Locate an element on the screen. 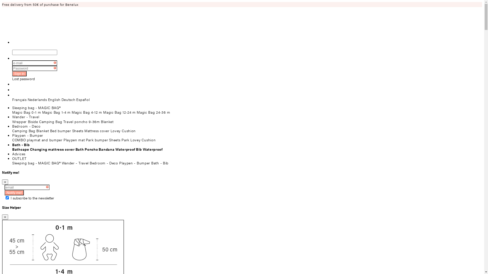  'Advices' is located at coordinates (19, 153).